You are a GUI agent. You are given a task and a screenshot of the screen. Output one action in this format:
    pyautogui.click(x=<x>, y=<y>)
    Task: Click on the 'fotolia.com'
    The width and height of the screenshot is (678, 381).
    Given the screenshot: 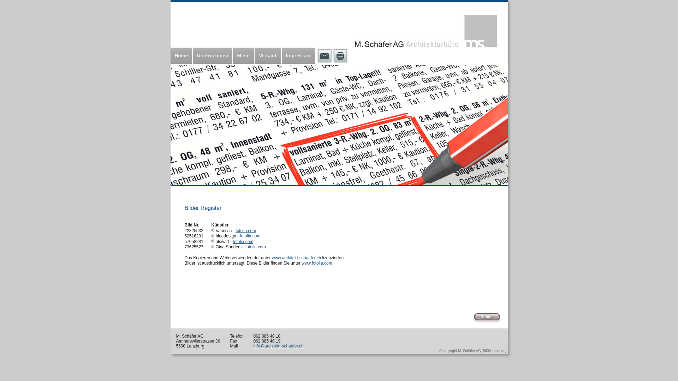 What is the action you would take?
    pyautogui.click(x=255, y=246)
    